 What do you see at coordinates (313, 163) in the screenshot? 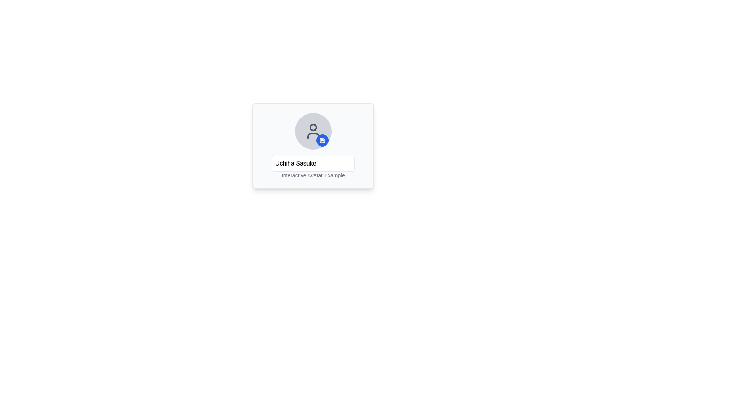
I see `the rectangular text box displaying the name 'Uchiha Sasuke'` at bounding box center [313, 163].